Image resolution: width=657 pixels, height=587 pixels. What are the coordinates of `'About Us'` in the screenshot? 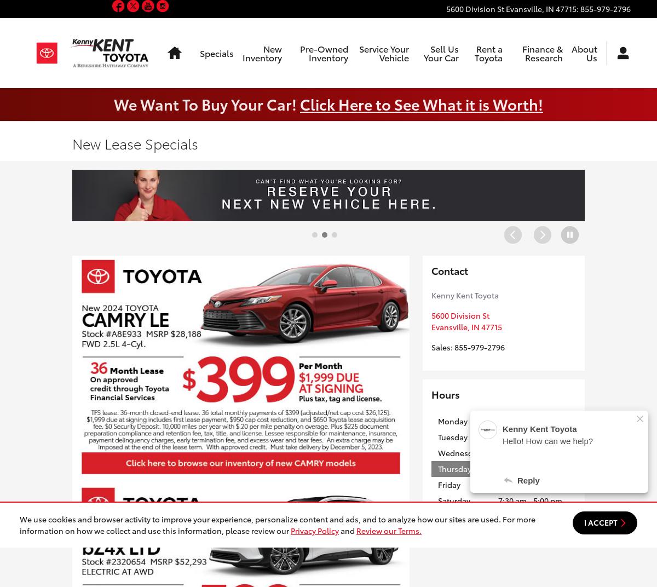 It's located at (571, 53).